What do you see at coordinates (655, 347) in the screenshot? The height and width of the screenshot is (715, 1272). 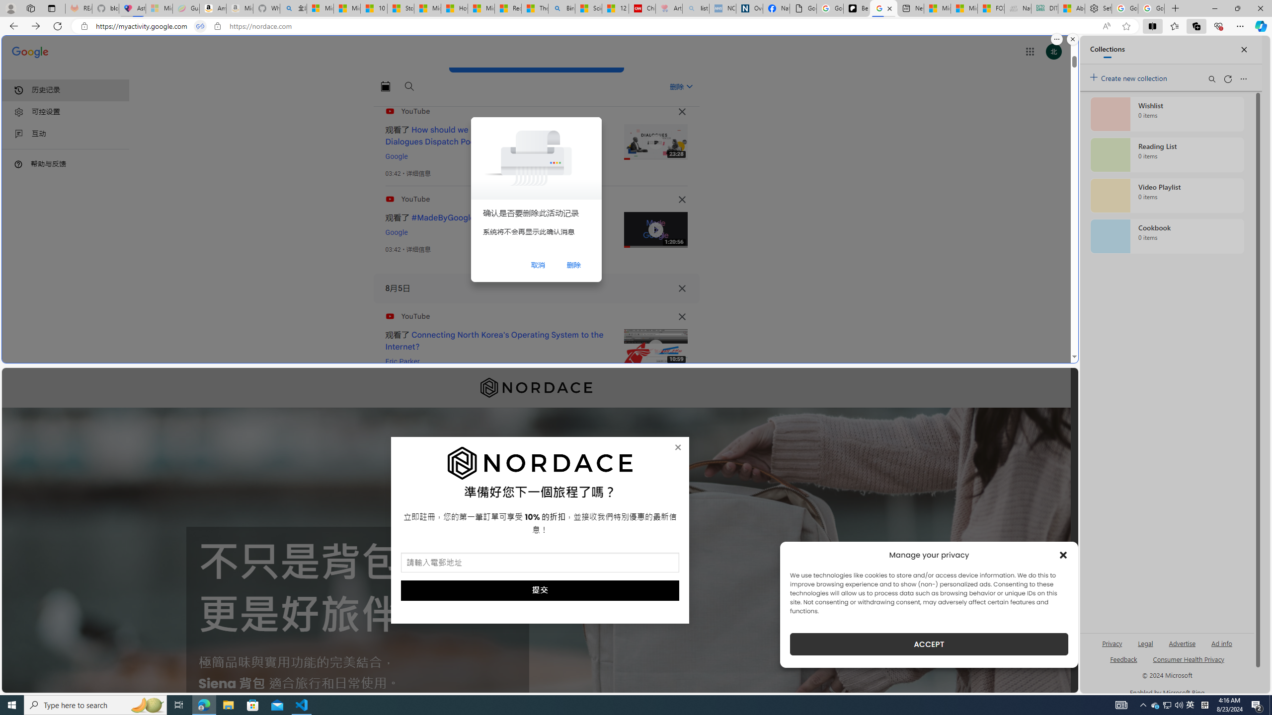 I see `'Class: IVR0f NMm5M'` at bounding box center [655, 347].